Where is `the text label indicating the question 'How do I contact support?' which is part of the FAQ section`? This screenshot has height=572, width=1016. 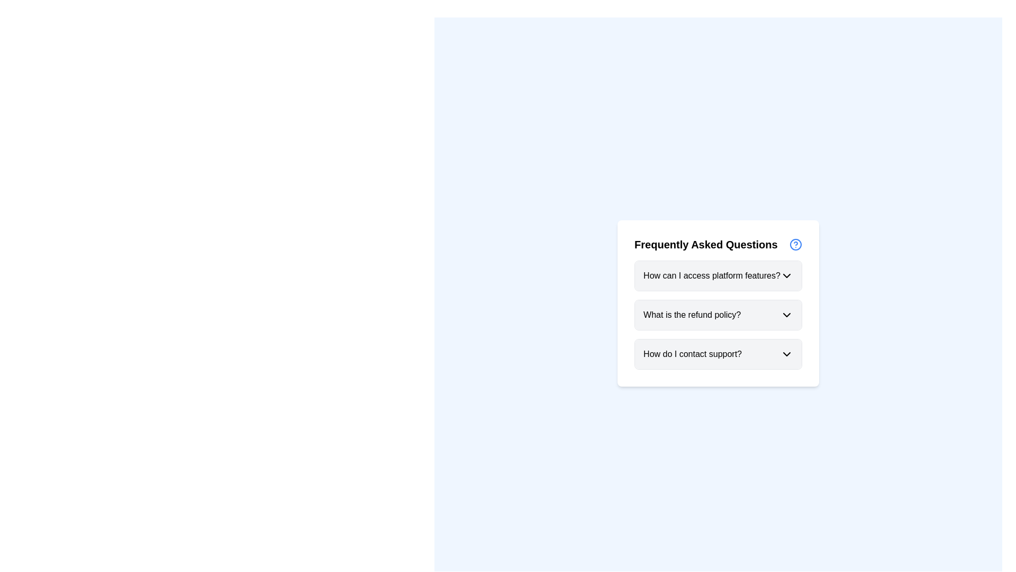
the text label indicating the question 'How do I contact support?' which is part of the FAQ section is located at coordinates (693, 354).